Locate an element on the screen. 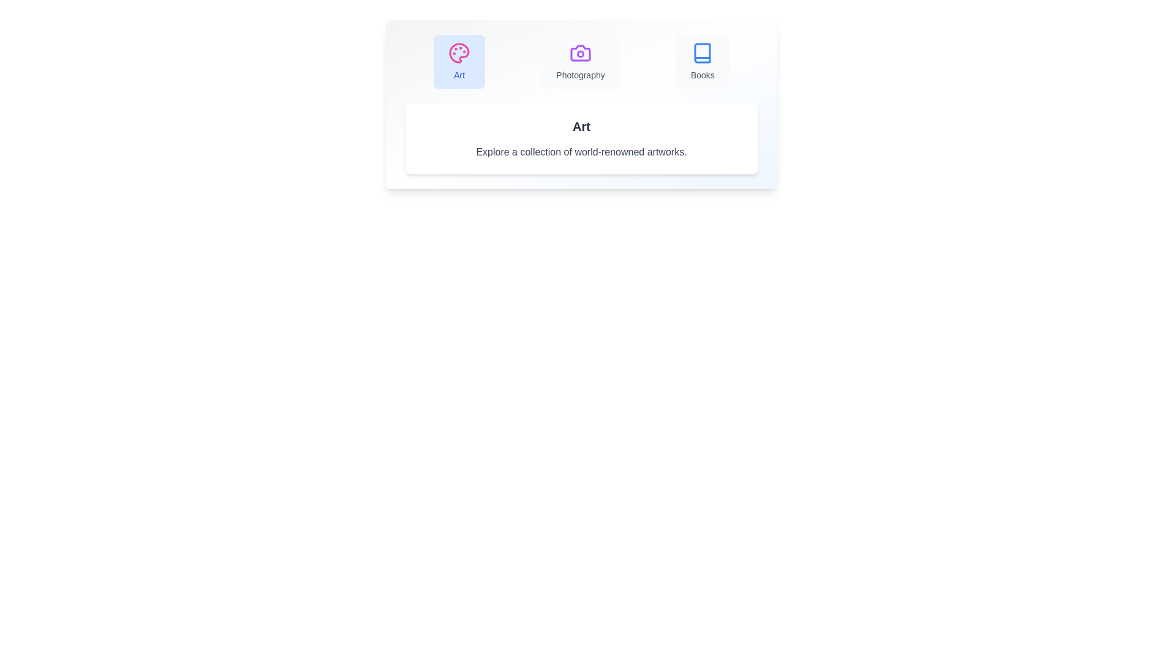 The image size is (1176, 661). the Books tab by clicking on it is located at coordinates (703, 61).